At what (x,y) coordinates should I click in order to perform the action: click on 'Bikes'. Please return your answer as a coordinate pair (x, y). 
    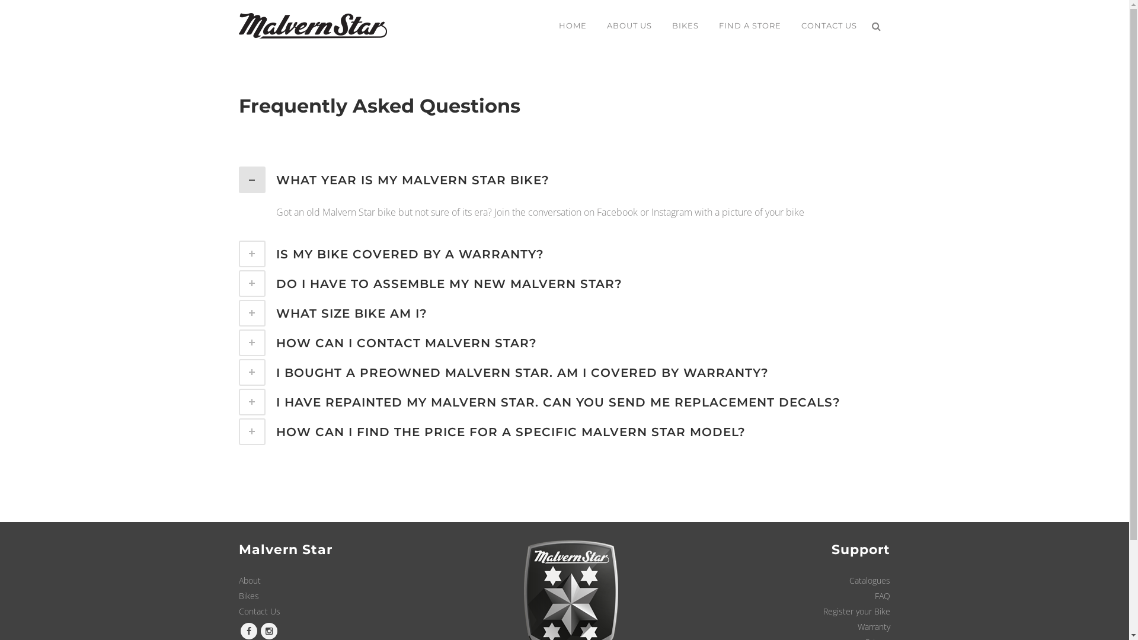
    Looking at the image, I should click on (247, 596).